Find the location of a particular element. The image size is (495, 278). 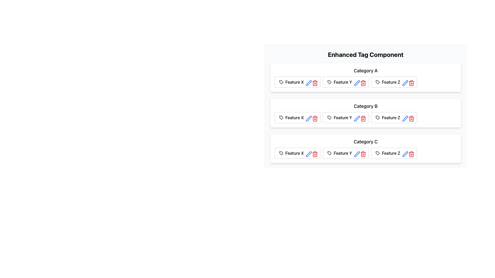

the tag icon located within the 'Feature X' button under 'Category C' is located at coordinates (280, 153).